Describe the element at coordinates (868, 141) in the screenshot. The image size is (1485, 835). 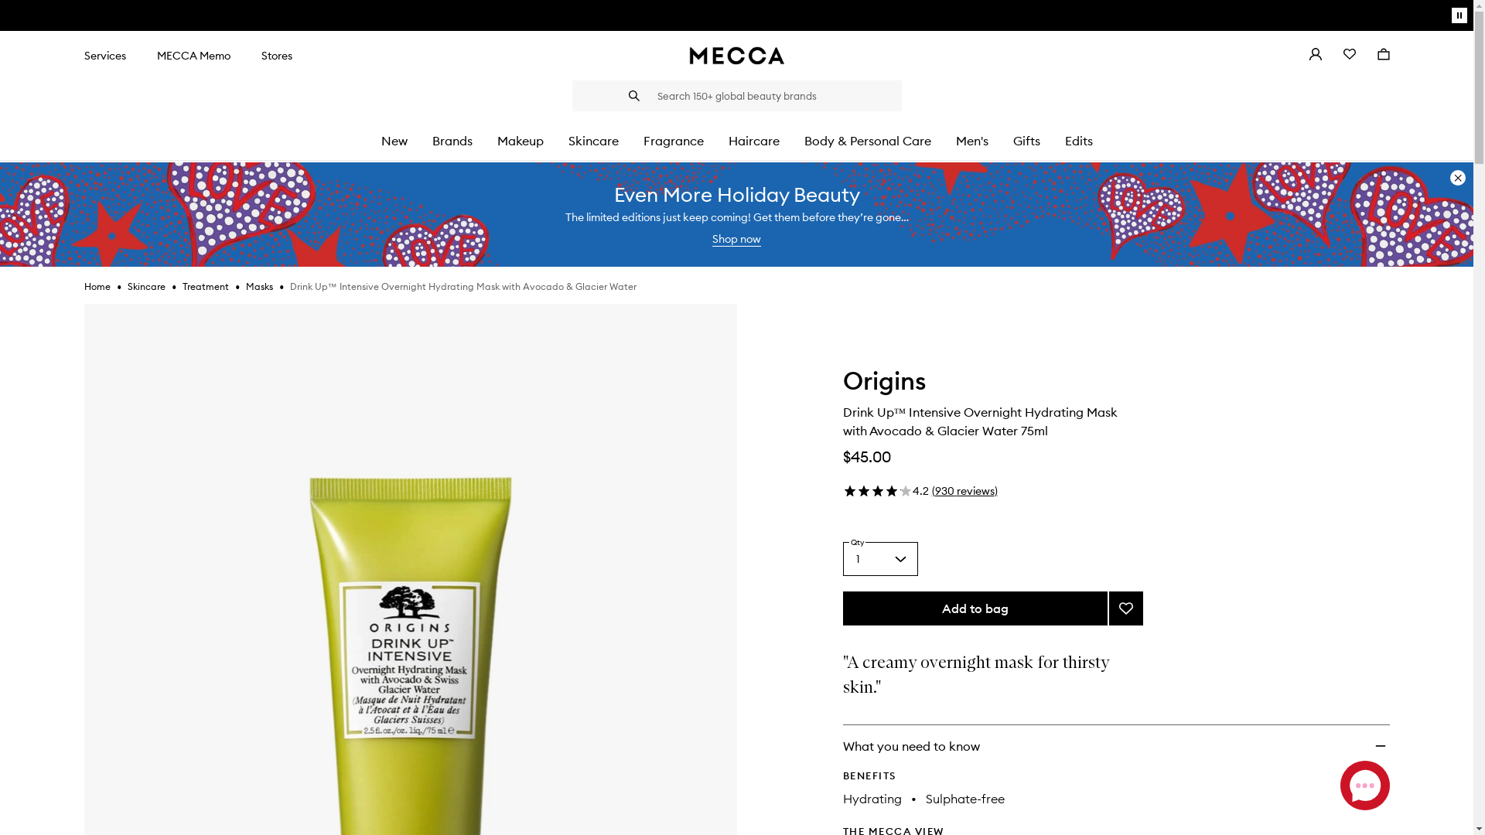
I see `'Body & Personal Care'` at that location.